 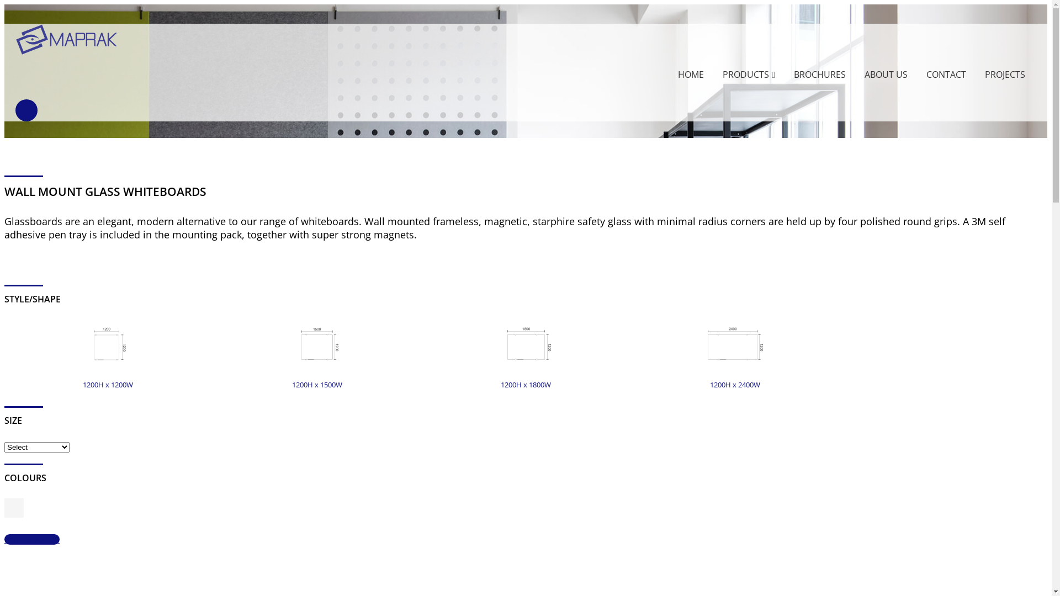 I want to click on 'HOME', so click(x=690, y=74).